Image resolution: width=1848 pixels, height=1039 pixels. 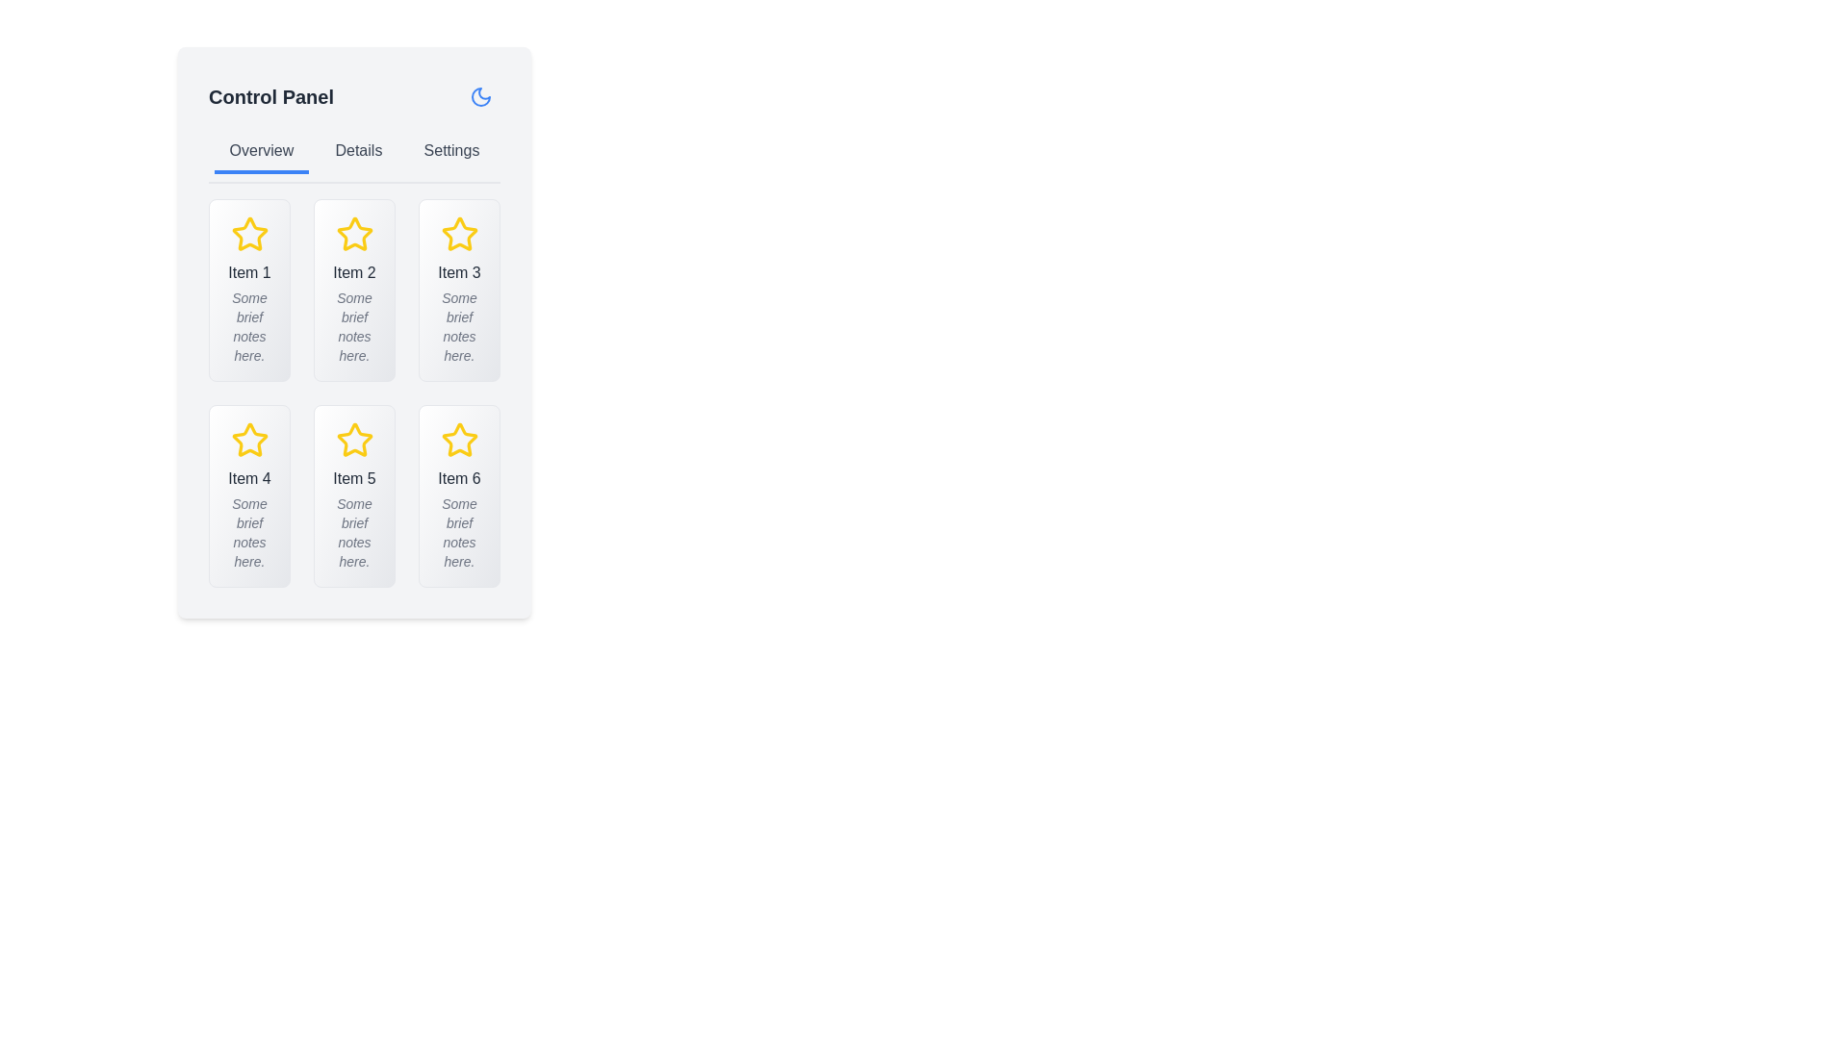 What do you see at coordinates (354, 533) in the screenshot?
I see `text element styled with a small, italicized font and gray color that reads 'Some brief notes here.' located in the card labeled 'Item 5' under the 'Overview' tab` at bounding box center [354, 533].